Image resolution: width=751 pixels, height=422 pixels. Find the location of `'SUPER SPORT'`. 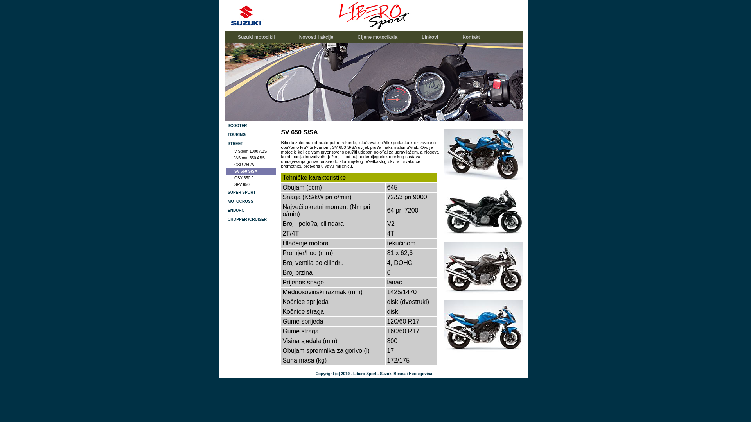

'SUPER SPORT' is located at coordinates (251, 192).